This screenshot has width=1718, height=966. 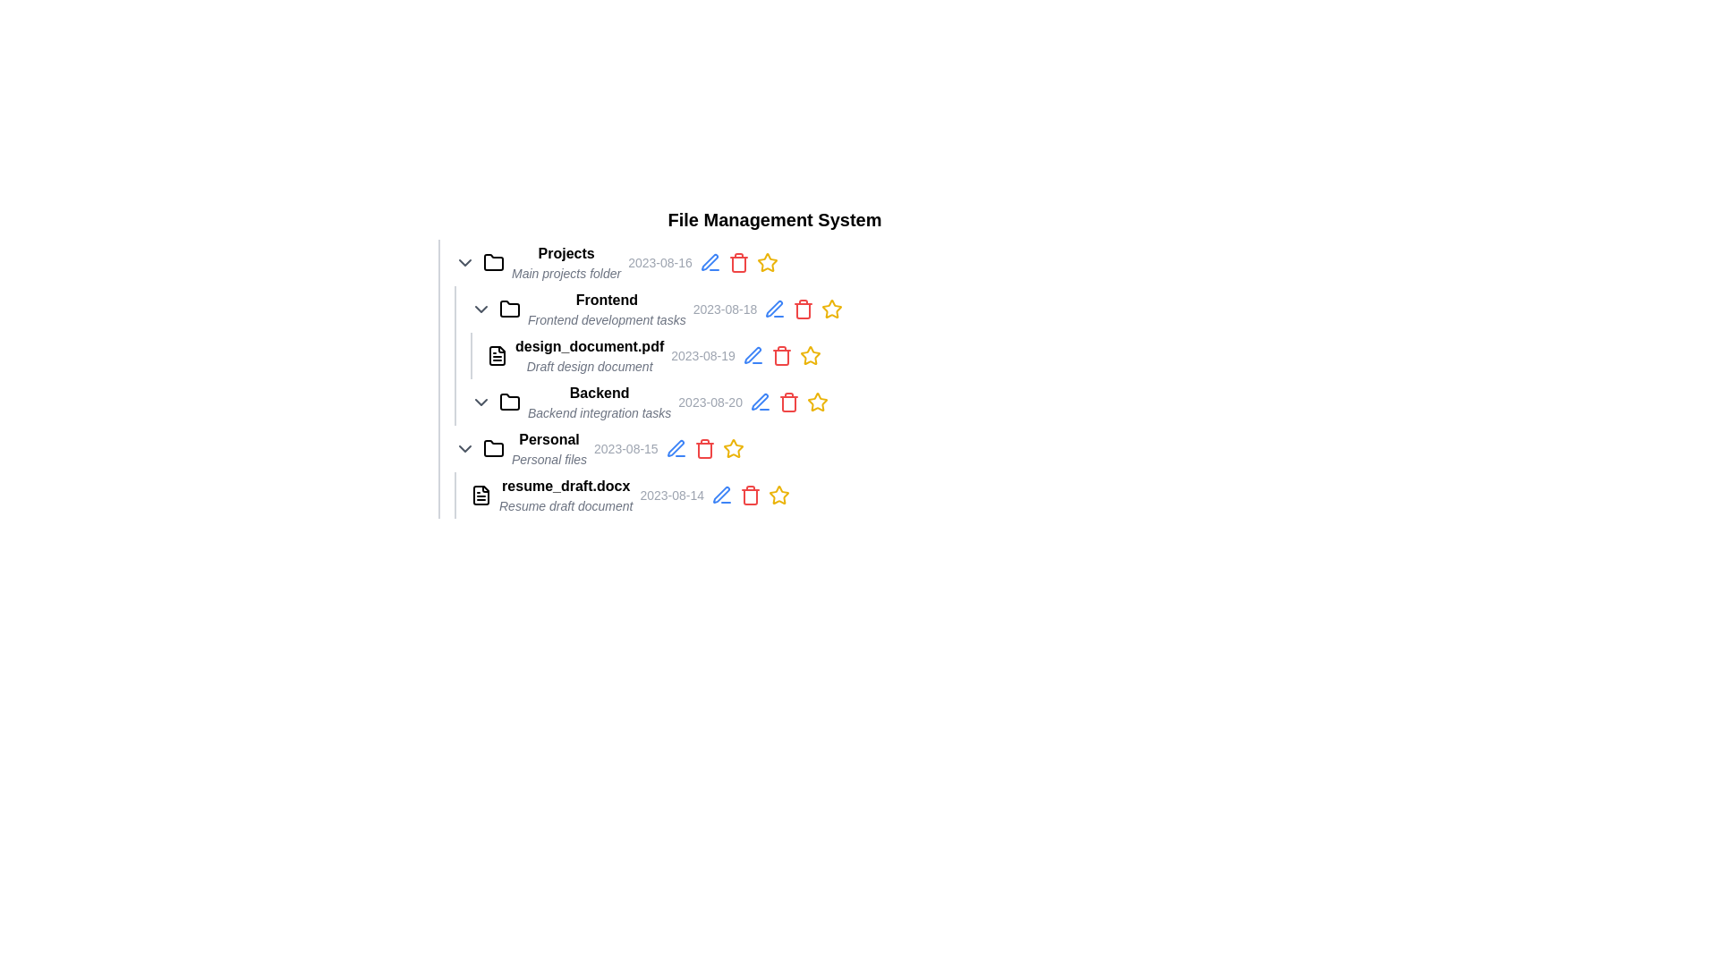 I want to click on the star icon at the far-right end of the row to mark the 'Backend integration tasks' item as a favorite, so click(x=816, y=402).